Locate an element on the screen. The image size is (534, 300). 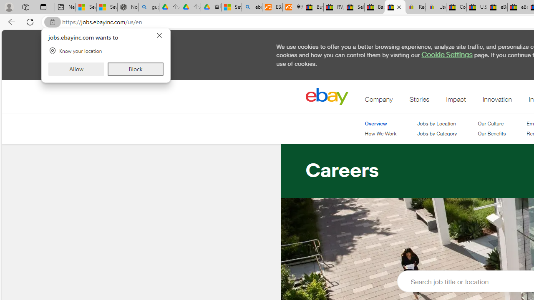
'How We Work' is located at coordinates (380, 133).